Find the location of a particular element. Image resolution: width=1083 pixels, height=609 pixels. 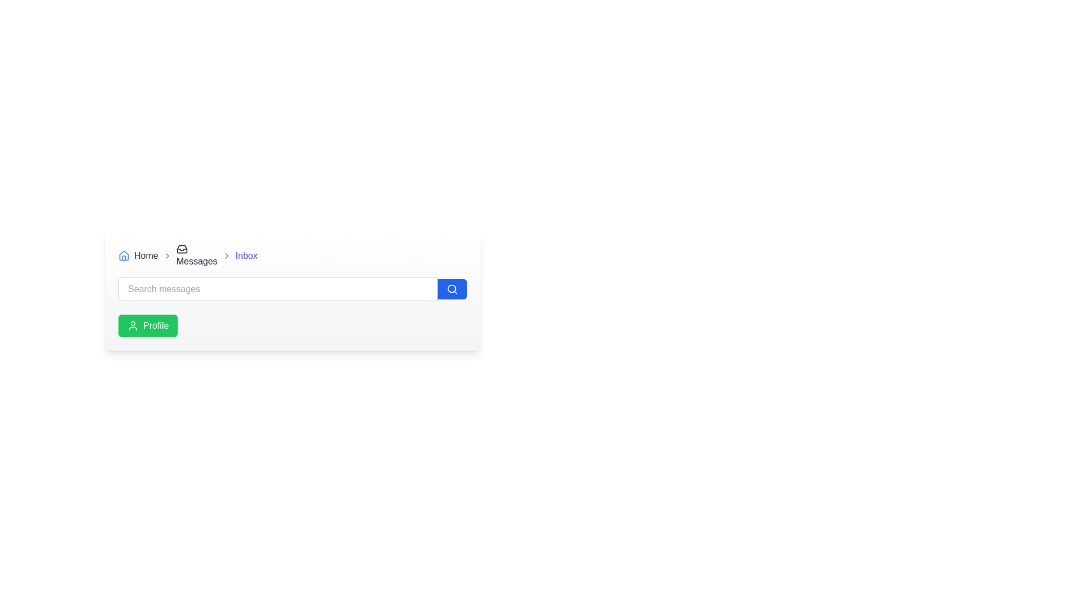

the search input field located below the breadcrumb navigation and to the left of the blue button with a search icon by activating it is located at coordinates (278, 289).